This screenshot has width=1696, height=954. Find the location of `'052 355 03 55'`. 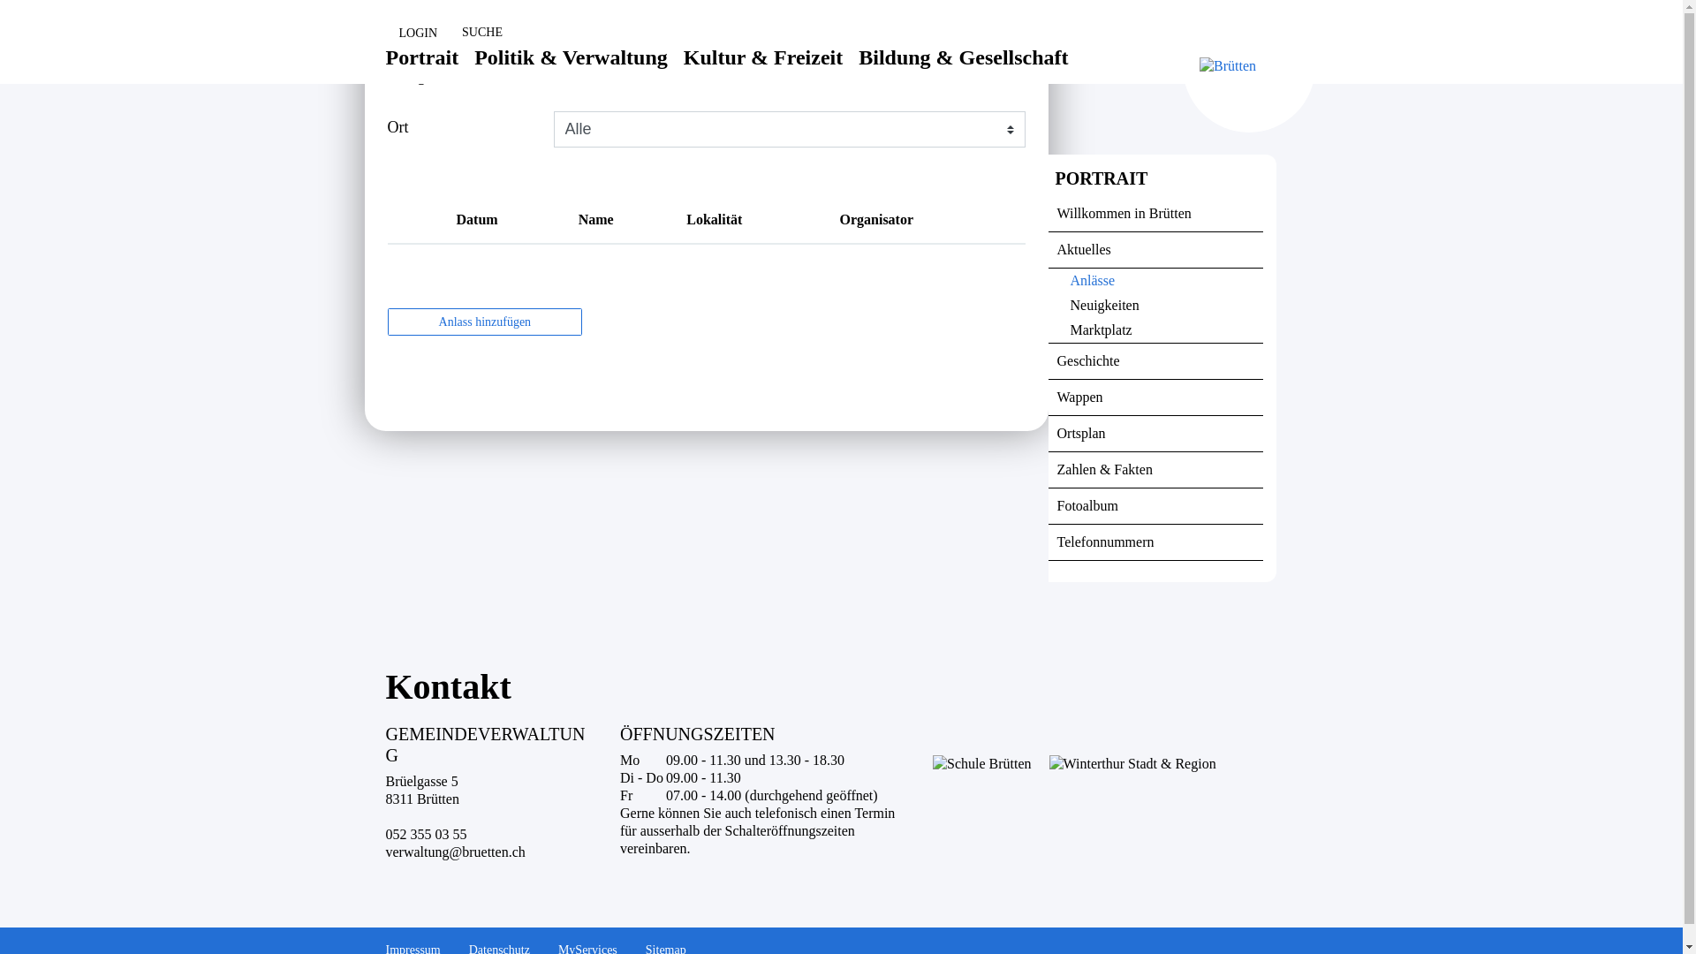

'052 355 03 55' is located at coordinates (425, 834).